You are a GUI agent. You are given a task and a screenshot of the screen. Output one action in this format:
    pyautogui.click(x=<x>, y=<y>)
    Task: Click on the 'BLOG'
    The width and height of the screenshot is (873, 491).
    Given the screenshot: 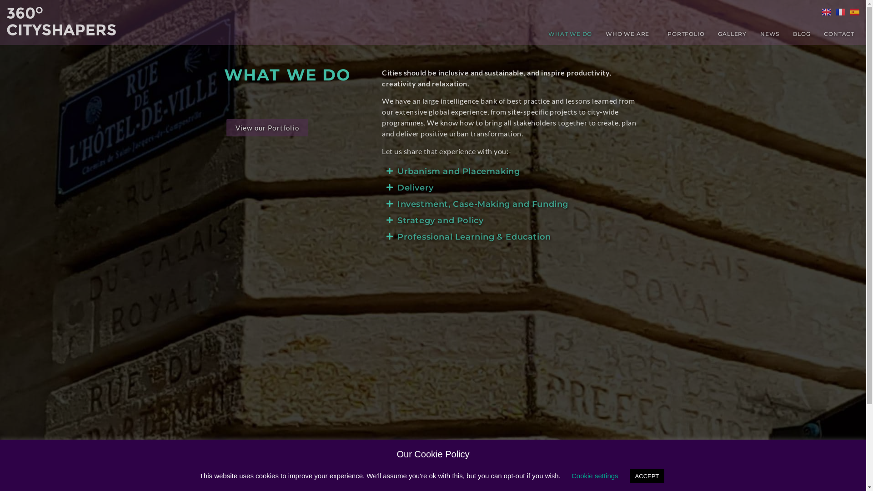 What is the action you would take?
    pyautogui.click(x=792, y=33)
    